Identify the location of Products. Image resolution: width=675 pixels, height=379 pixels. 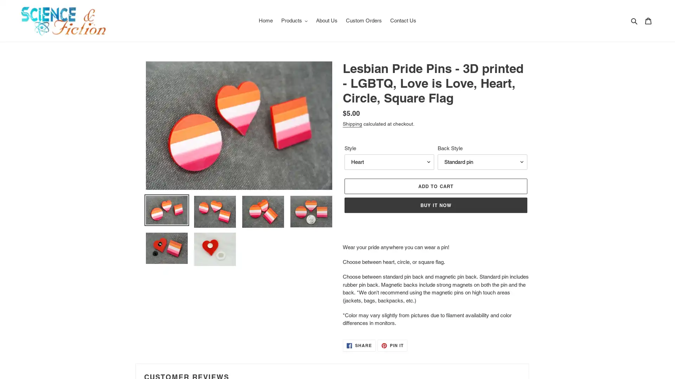
(294, 20).